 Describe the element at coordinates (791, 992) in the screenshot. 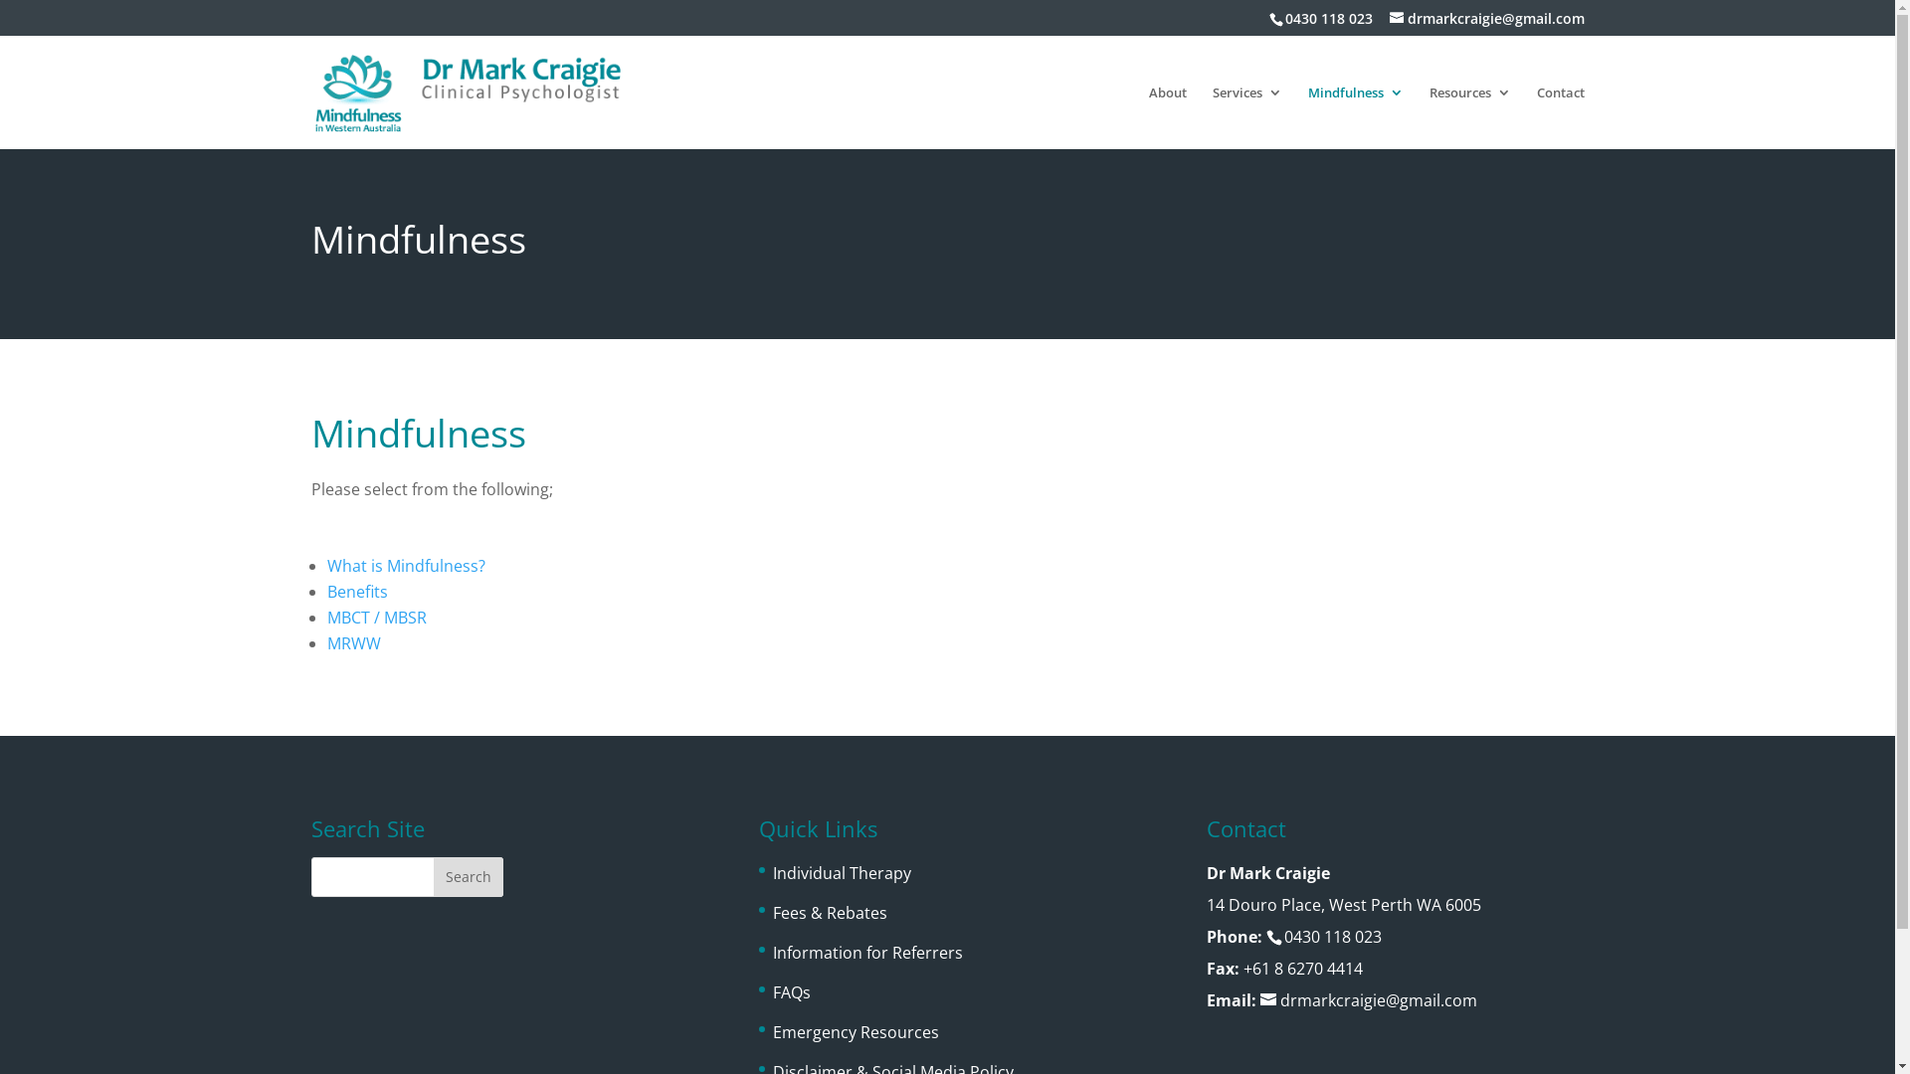

I see `'FAQs'` at that location.